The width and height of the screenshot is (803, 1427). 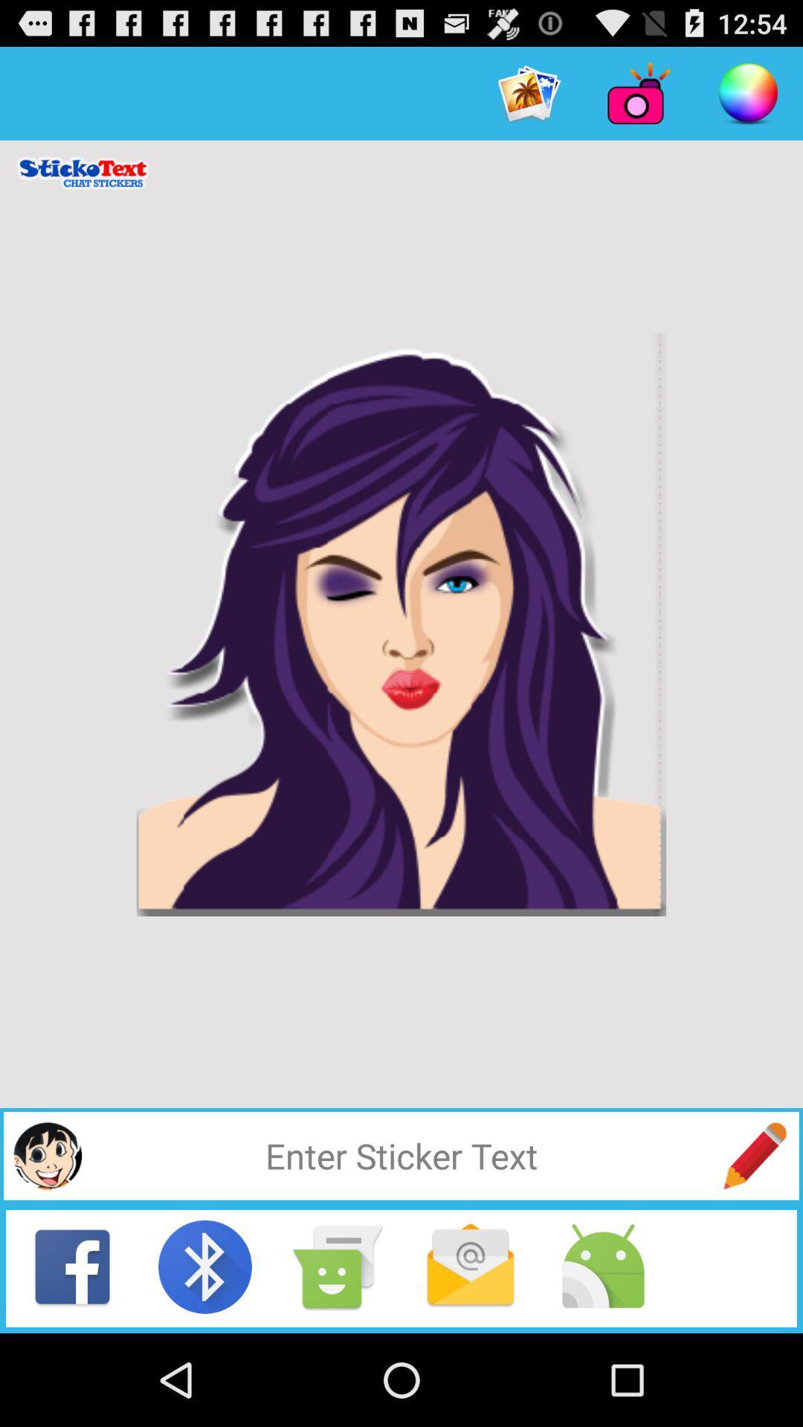 What do you see at coordinates (755, 1155) in the screenshot?
I see `send sticker text` at bounding box center [755, 1155].